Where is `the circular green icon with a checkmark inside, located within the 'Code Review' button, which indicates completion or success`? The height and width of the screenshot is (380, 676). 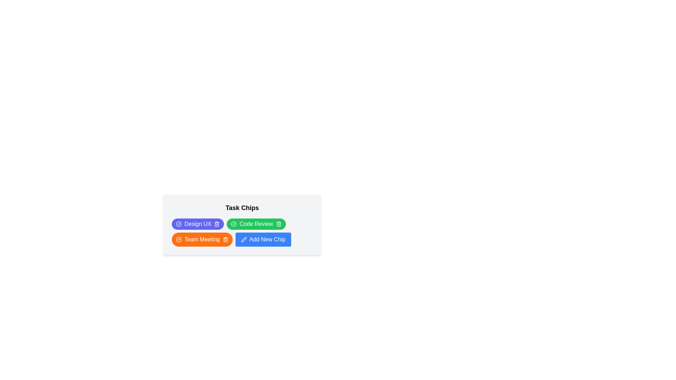
the circular green icon with a checkmark inside, located within the 'Code Review' button, which indicates completion or success is located at coordinates (234, 224).